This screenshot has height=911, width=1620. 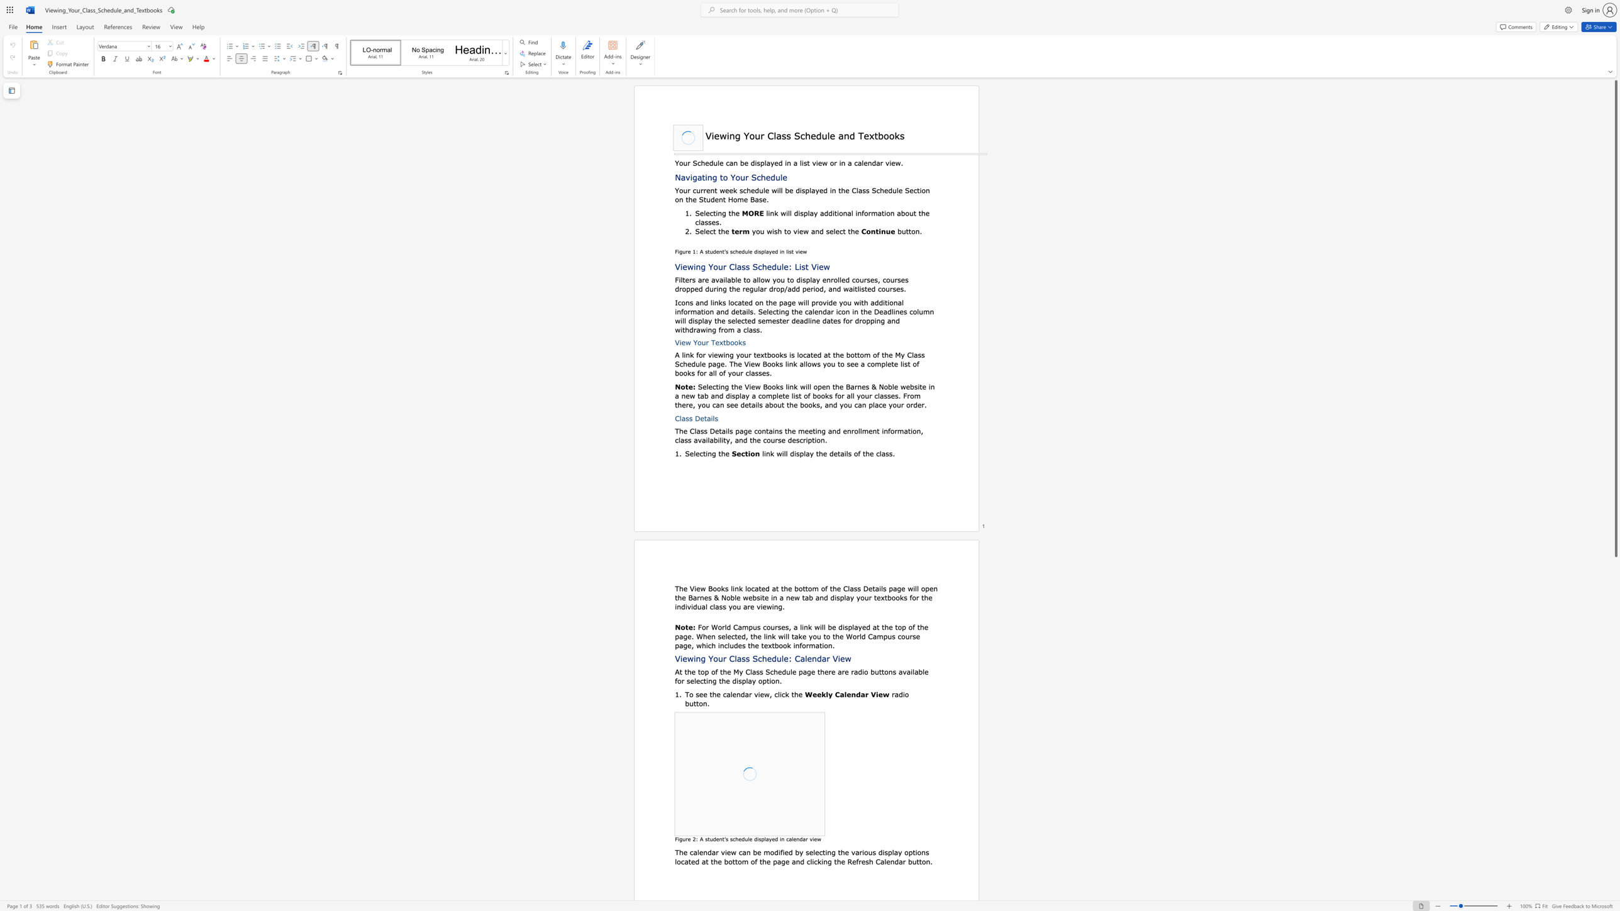 What do you see at coordinates (1615, 734) in the screenshot?
I see `the scrollbar to move the page downward` at bounding box center [1615, 734].